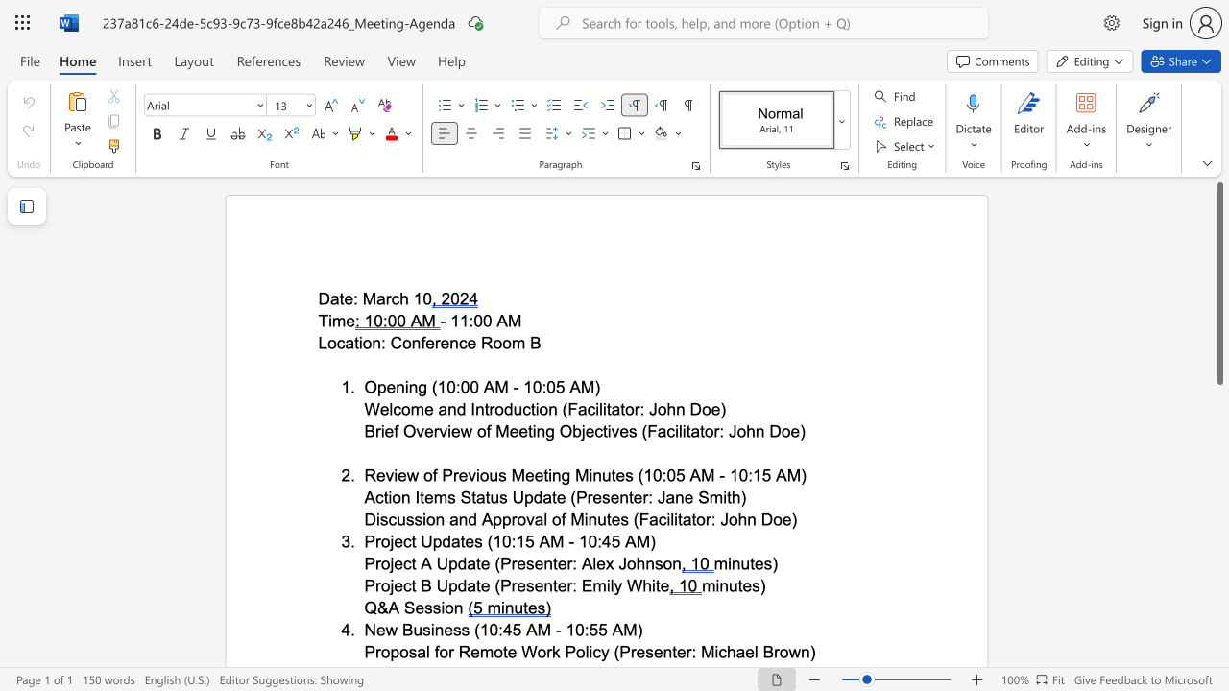 Image resolution: width=1229 pixels, height=691 pixels. Describe the element at coordinates (596, 387) in the screenshot. I see `the 1th character ")" in the text` at that location.